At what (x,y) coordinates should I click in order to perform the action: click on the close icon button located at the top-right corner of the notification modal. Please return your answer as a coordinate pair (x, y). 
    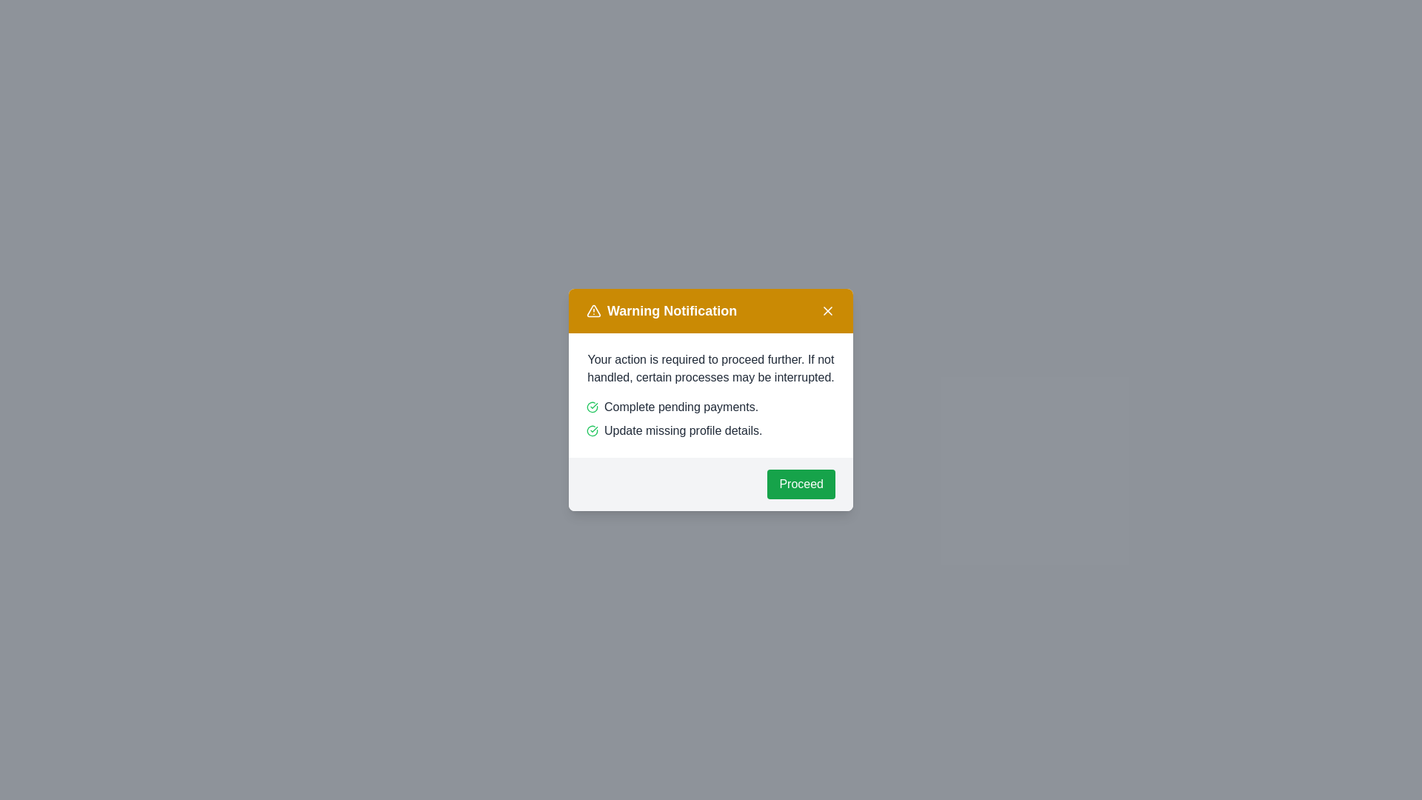
    Looking at the image, I should click on (827, 310).